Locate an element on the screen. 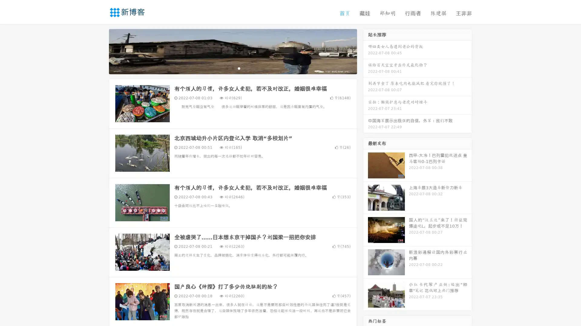 Image resolution: width=581 pixels, height=326 pixels. Next slide is located at coordinates (366, 51).